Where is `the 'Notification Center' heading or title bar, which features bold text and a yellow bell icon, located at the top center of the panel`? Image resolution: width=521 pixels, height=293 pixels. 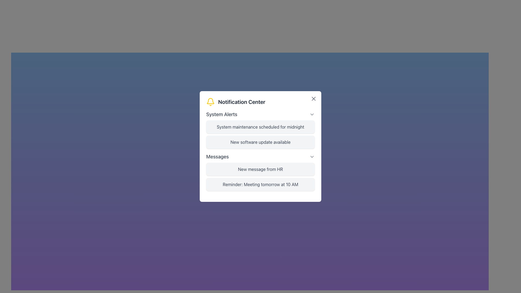 the 'Notification Center' heading or title bar, which features bold text and a yellow bell icon, located at the top center of the panel is located at coordinates (260, 102).